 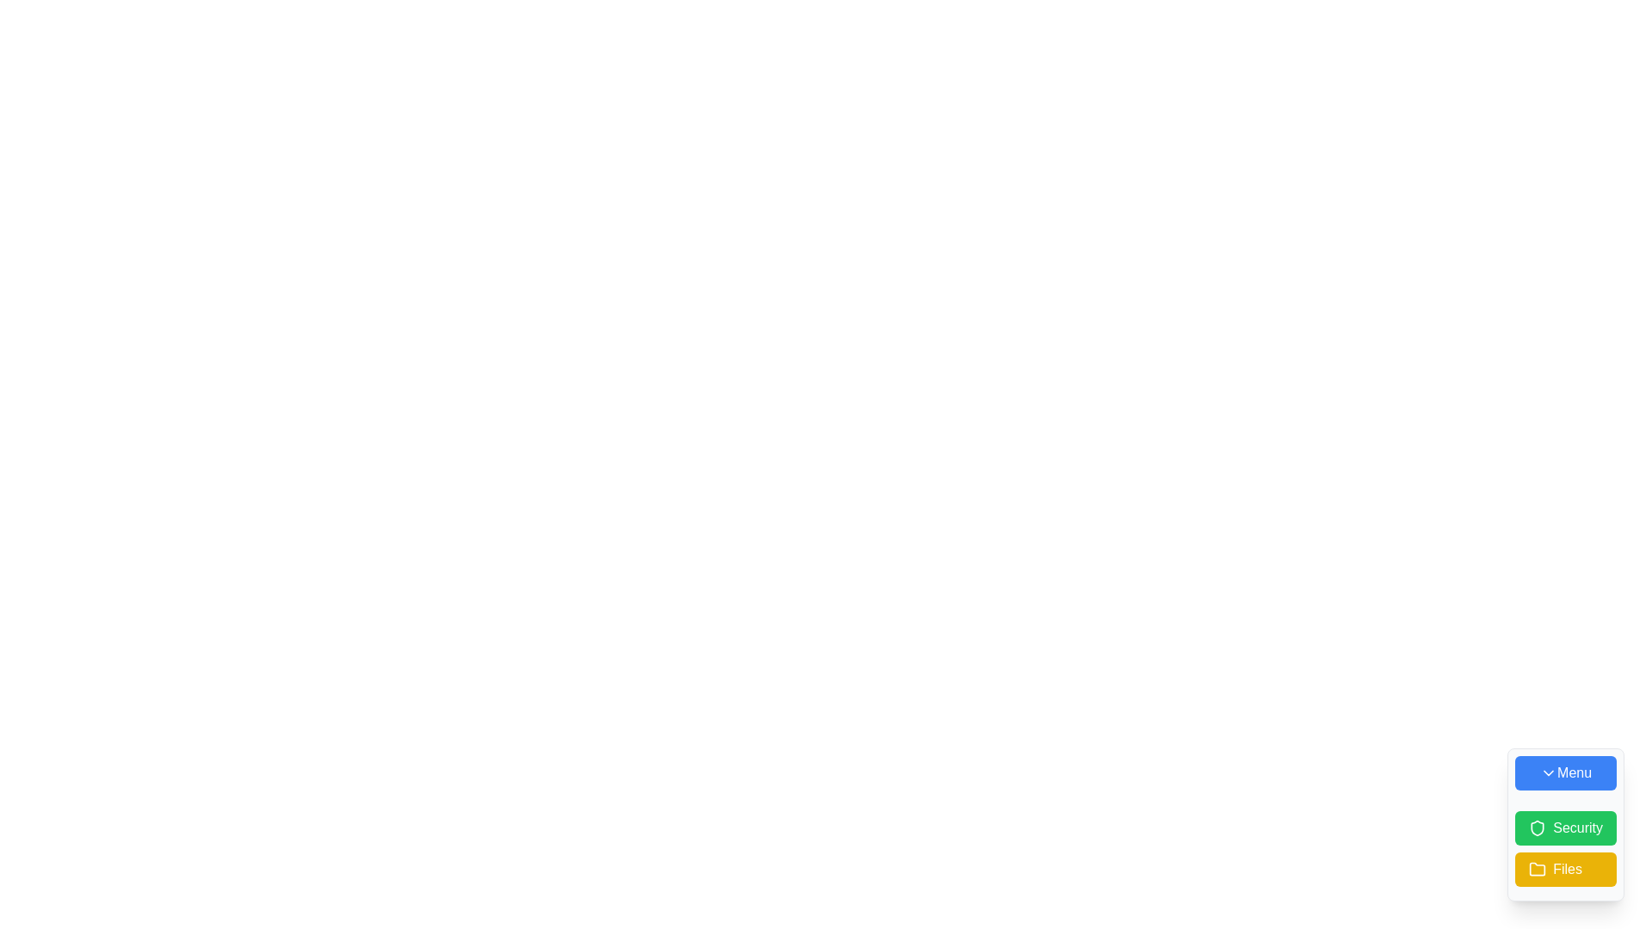 What do you see at coordinates (1549, 772) in the screenshot?
I see `the downward chevron icon within the light blue 'Menu' button` at bounding box center [1549, 772].